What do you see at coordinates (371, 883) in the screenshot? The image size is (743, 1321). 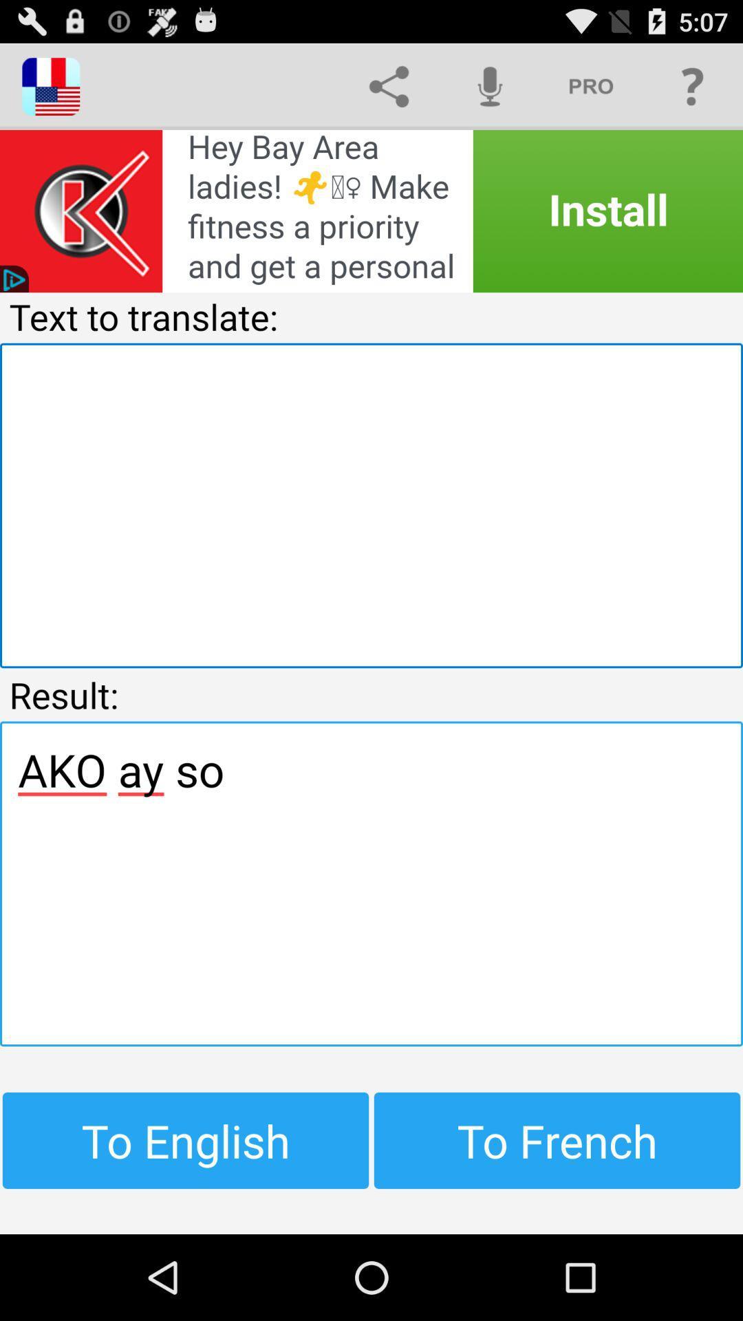 I see `item above to english icon` at bounding box center [371, 883].